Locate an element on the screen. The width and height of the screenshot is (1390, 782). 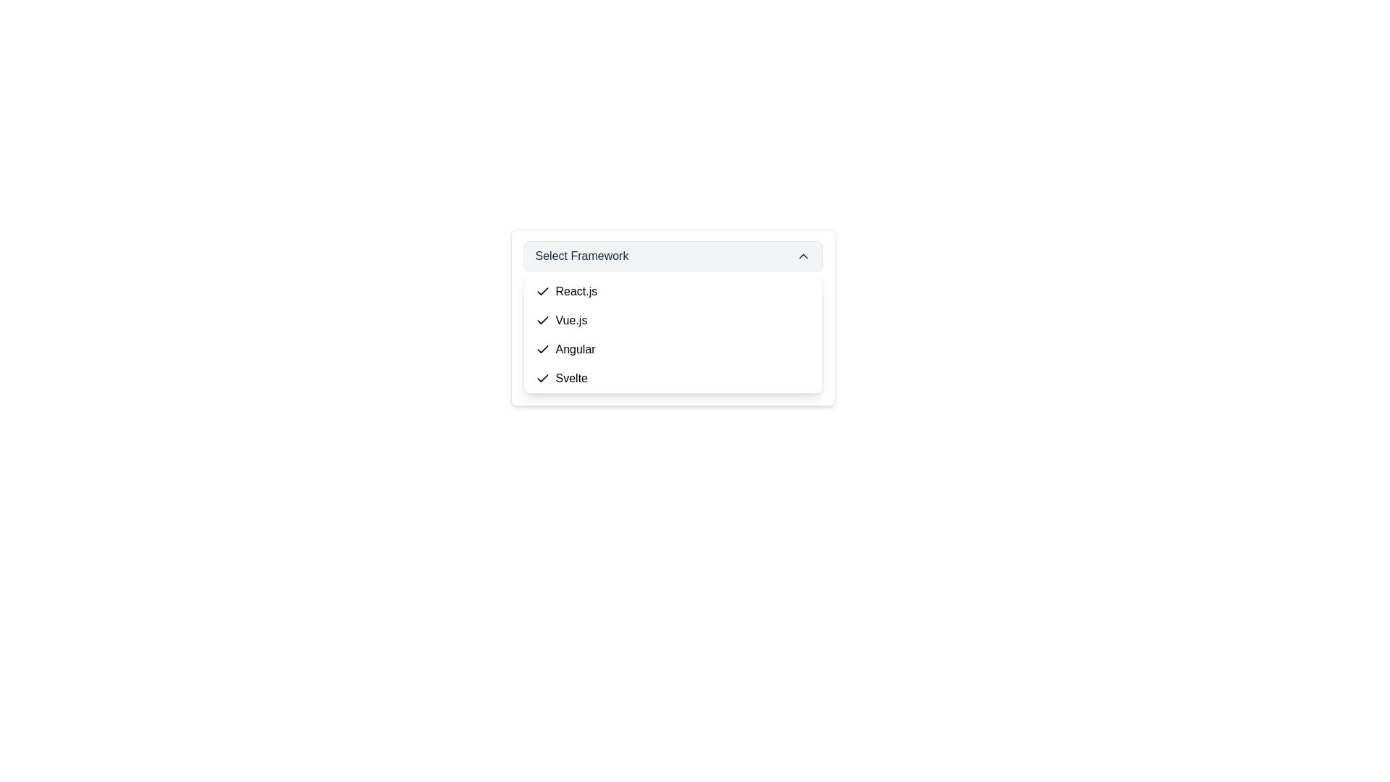
the 'Vue.js' text label in the dropdown menu labeled 'Select Framework', which is the second item in the list between 'React.js' and 'Angular' is located at coordinates (570, 320).